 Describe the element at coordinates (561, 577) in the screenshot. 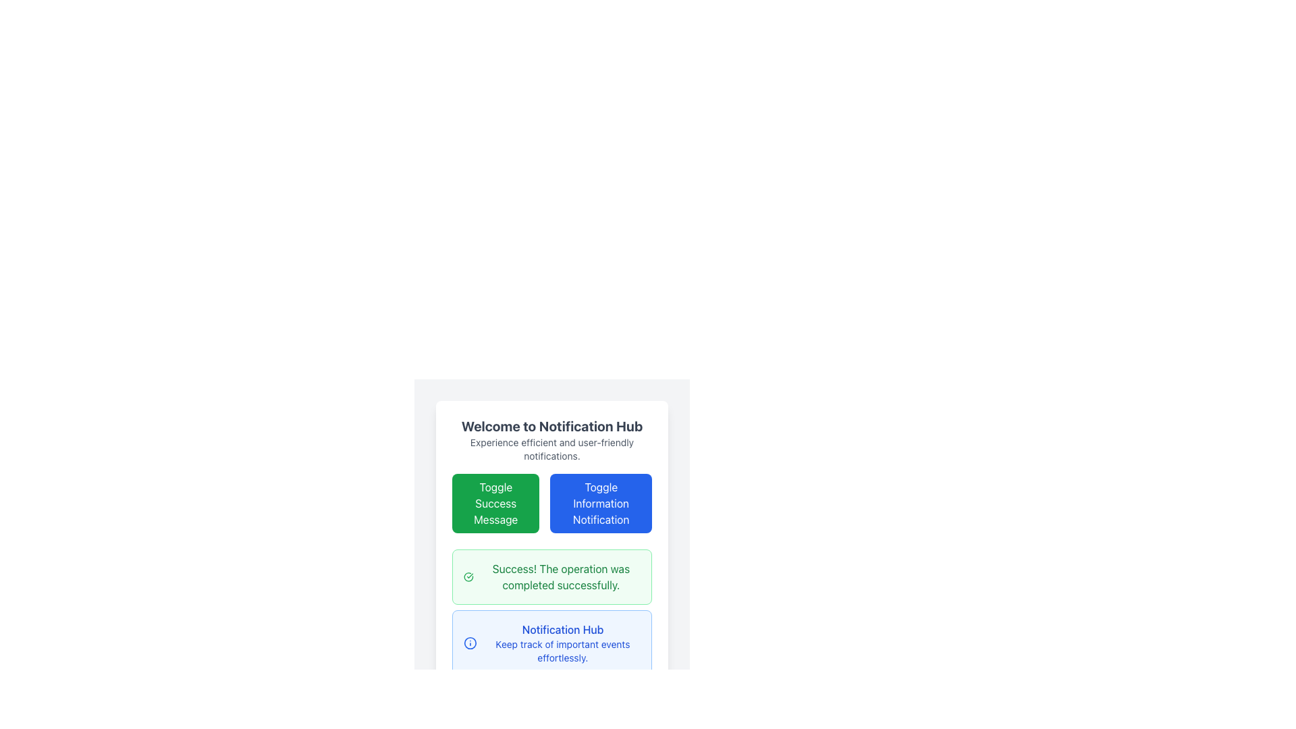

I see `the feedback displayed in the success notification text that reads 'Success! The operation was completed successfully.'` at that location.